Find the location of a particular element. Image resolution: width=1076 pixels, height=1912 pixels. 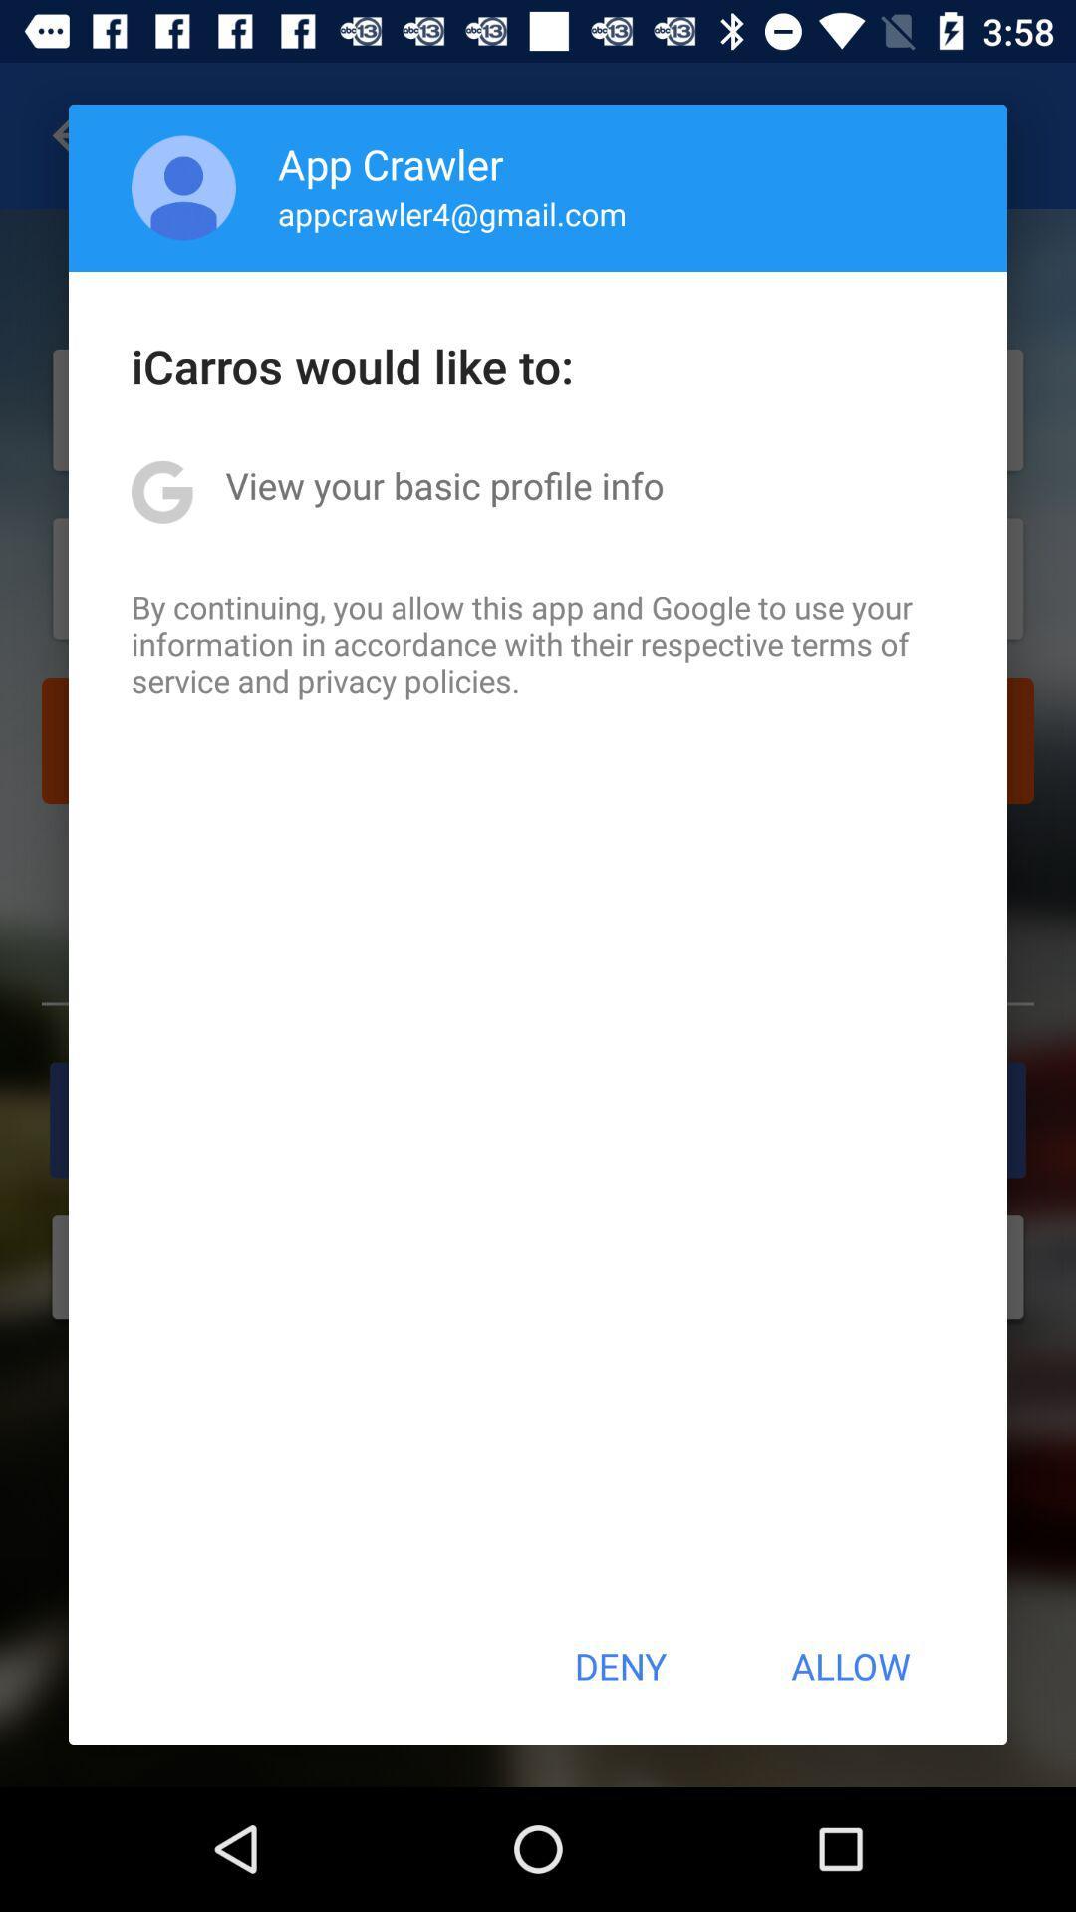

the appcrawler4@gmail.com icon is located at coordinates (452, 213).